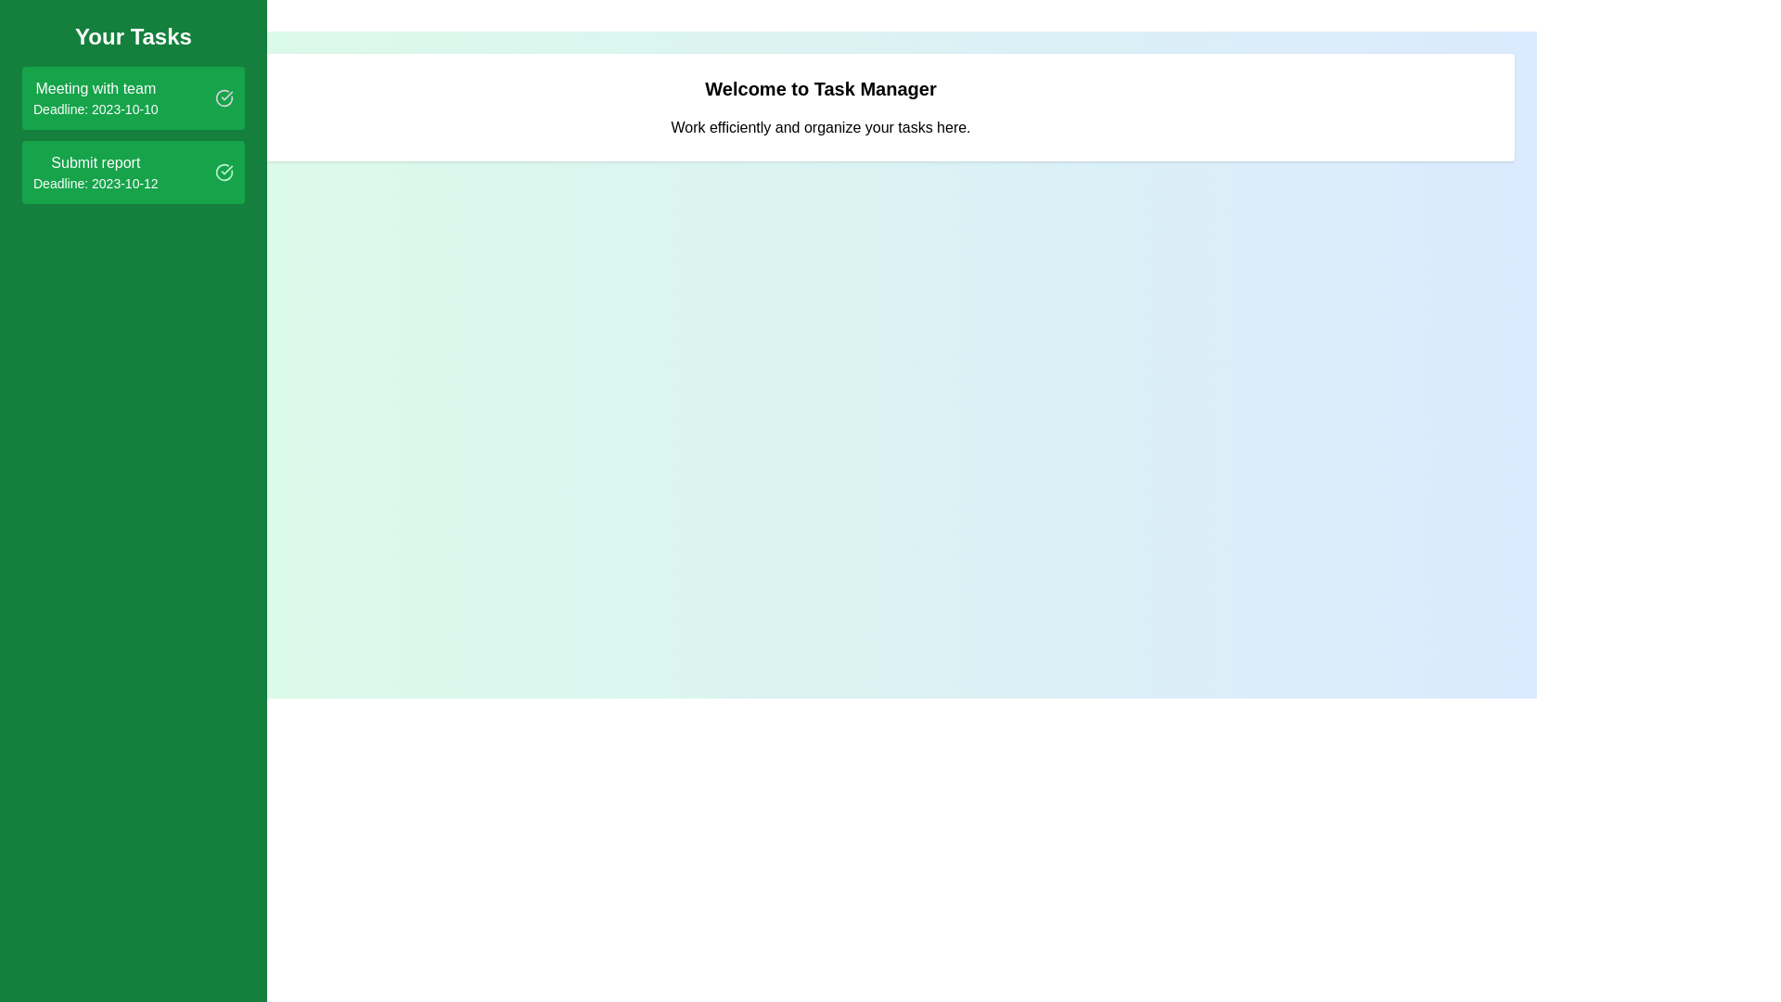 The width and height of the screenshot is (1781, 1002). I want to click on the task Submit report to observe its hover effect, so click(133, 172).